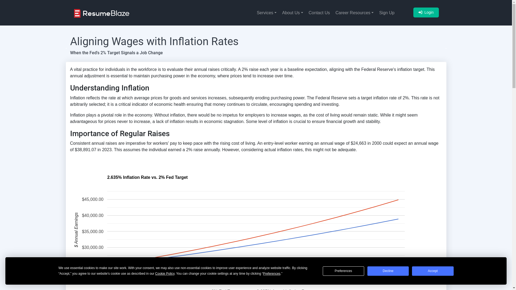  I want to click on 'Login', so click(413, 12).